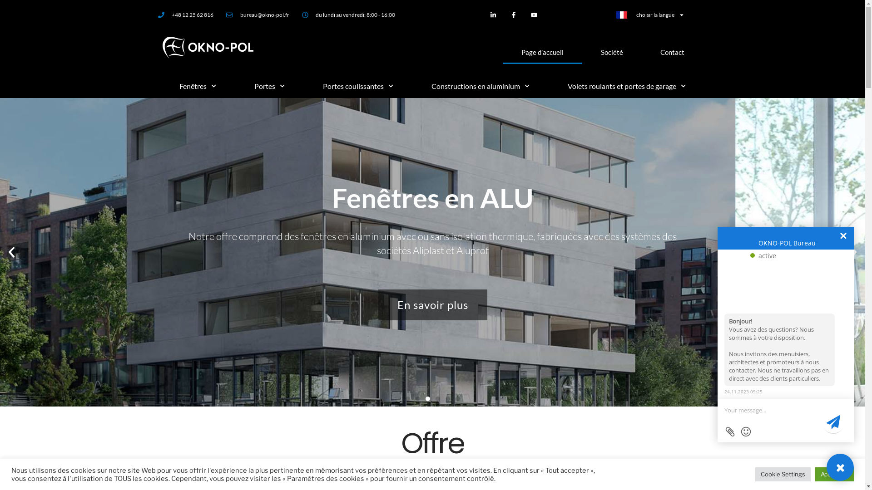 This screenshot has width=872, height=490. What do you see at coordinates (649, 15) in the screenshot?
I see `'choisir la langue'` at bounding box center [649, 15].